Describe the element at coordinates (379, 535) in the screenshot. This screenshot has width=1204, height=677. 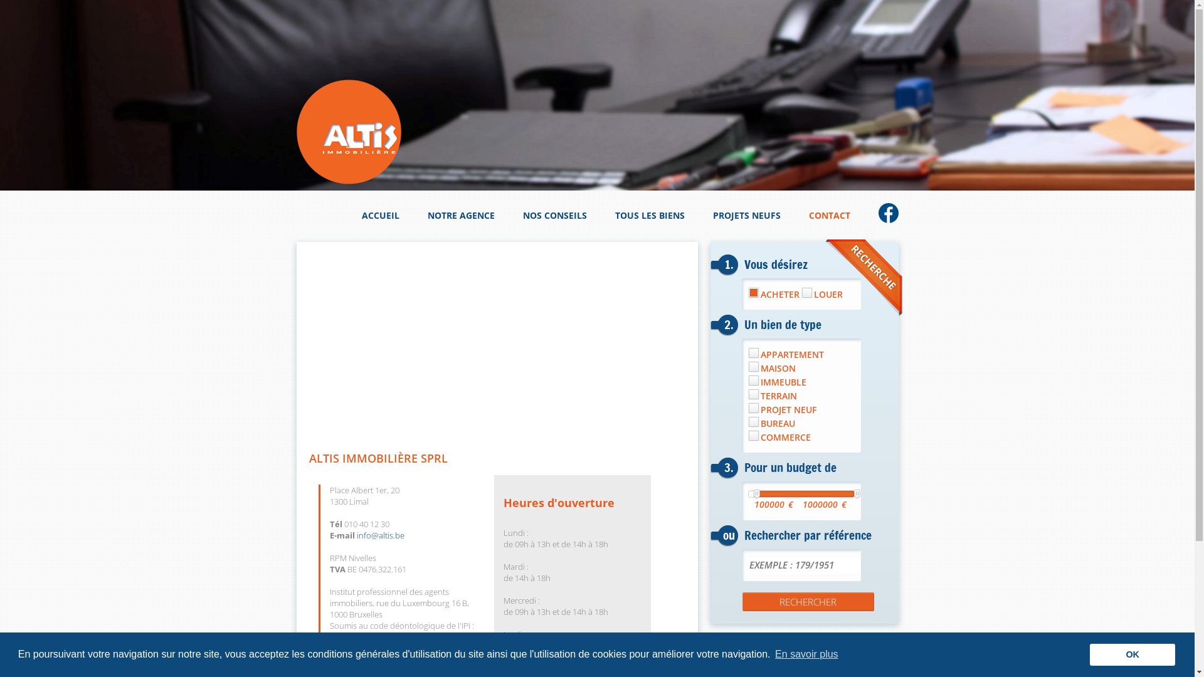
I see `'info@altis.be'` at that location.